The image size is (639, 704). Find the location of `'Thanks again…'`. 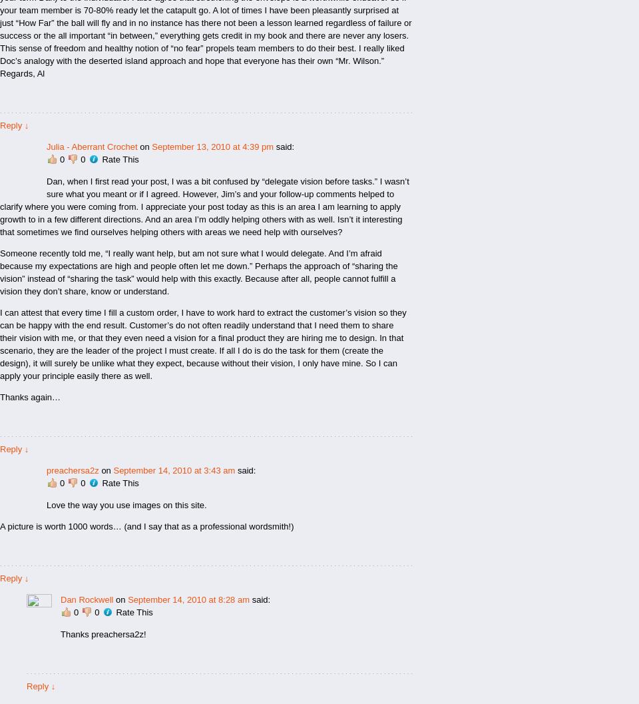

'Thanks again…' is located at coordinates (29, 396).